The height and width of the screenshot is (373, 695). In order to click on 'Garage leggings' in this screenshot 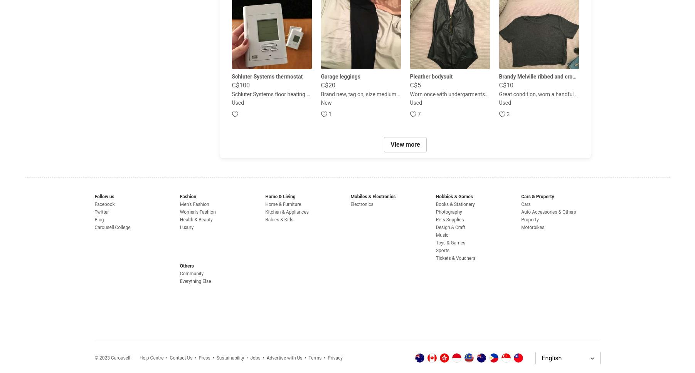, I will do `click(340, 77)`.